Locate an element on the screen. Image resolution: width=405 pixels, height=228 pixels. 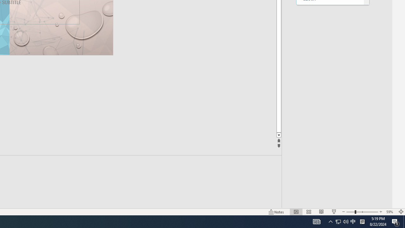
'Divehi' is located at coordinates (330, 37).